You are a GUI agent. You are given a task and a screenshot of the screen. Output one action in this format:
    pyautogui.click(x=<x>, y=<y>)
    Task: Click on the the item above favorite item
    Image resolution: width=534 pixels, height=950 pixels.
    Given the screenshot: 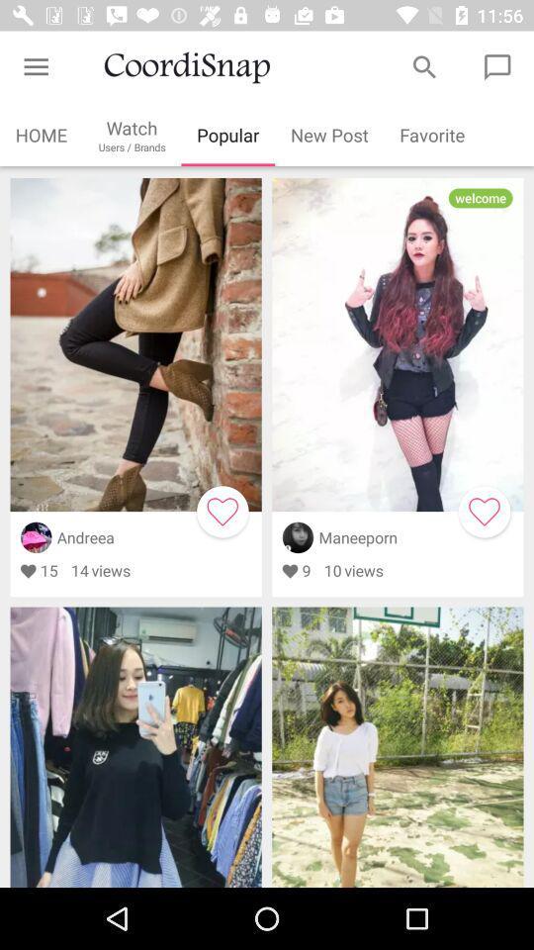 What is the action you would take?
    pyautogui.click(x=423, y=67)
    